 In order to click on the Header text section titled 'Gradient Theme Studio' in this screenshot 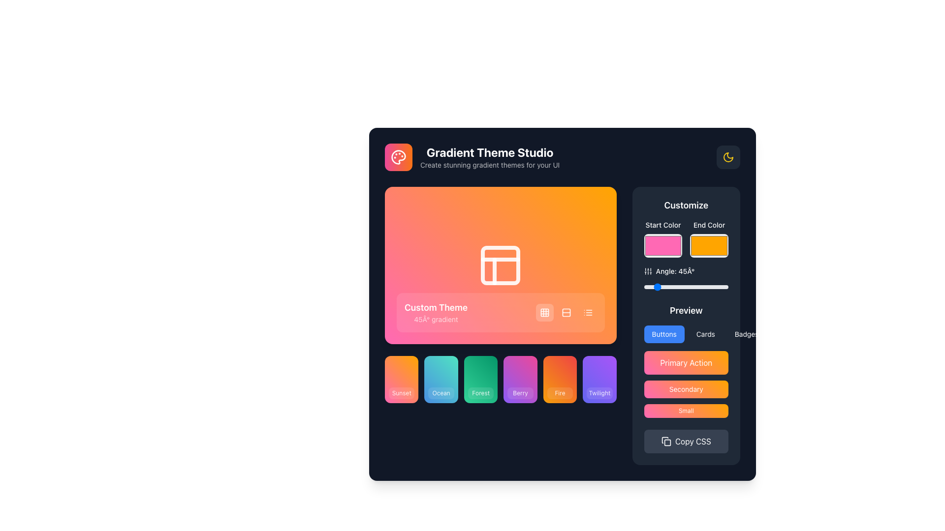, I will do `click(472, 157)`.